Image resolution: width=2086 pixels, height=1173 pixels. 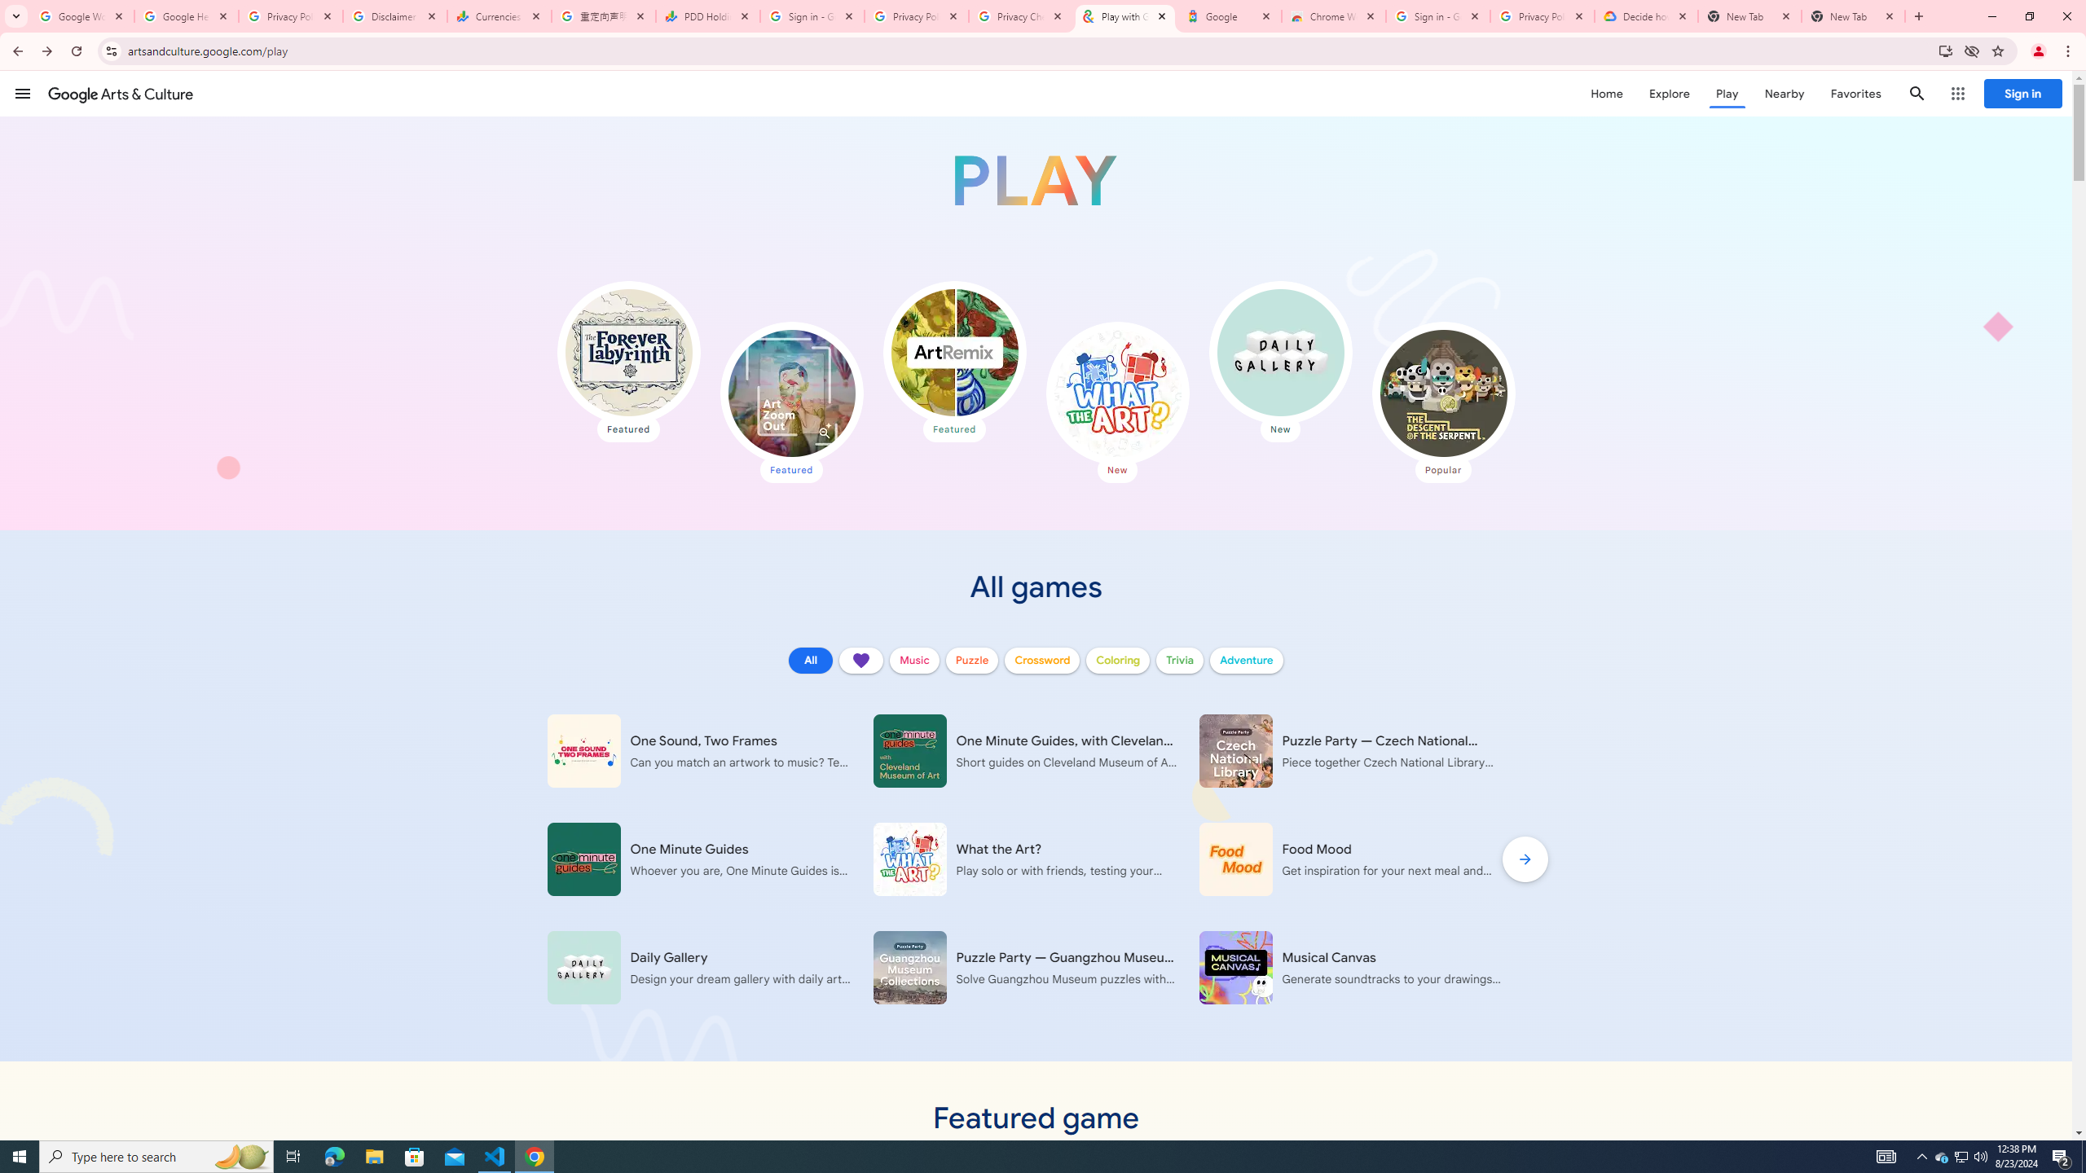 What do you see at coordinates (790, 393) in the screenshot?
I see `'Art Zoom Out'` at bounding box center [790, 393].